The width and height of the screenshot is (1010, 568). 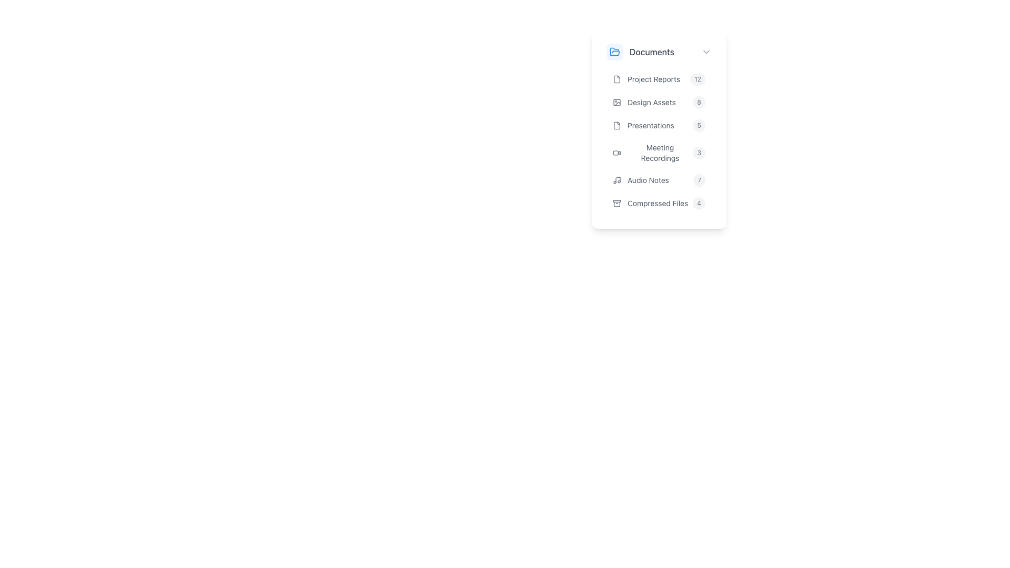 I want to click on the first list item in the vertical list, which features a document icon, the text 'Project Reports', and a badge showing the number '12', so click(x=658, y=78).